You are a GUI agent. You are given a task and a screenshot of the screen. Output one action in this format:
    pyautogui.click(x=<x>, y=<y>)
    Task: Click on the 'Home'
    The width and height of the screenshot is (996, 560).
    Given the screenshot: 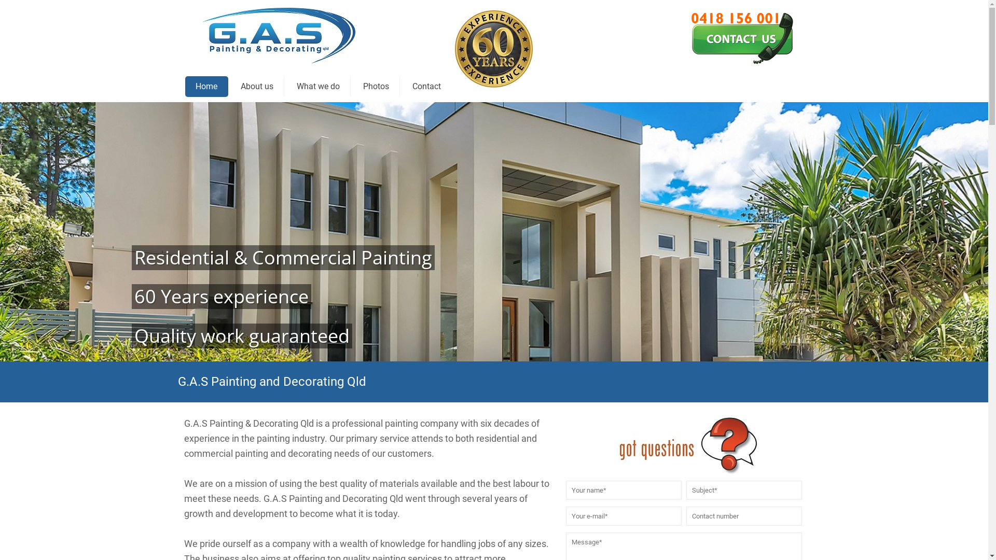 What is the action you would take?
    pyautogui.click(x=206, y=86)
    